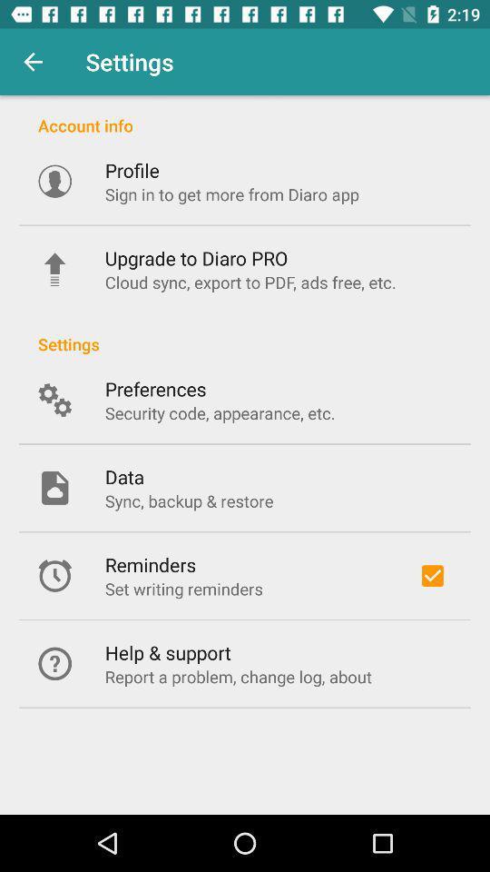 The height and width of the screenshot is (872, 490). Describe the element at coordinates (168, 652) in the screenshot. I see `icon below the set writing reminders icon` at that location.